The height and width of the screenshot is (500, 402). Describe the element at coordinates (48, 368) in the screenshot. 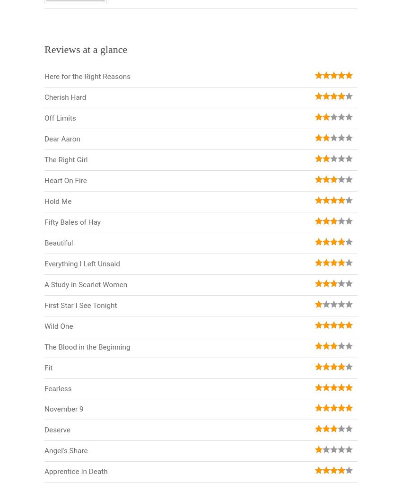

I see `'Fit'` at that location.